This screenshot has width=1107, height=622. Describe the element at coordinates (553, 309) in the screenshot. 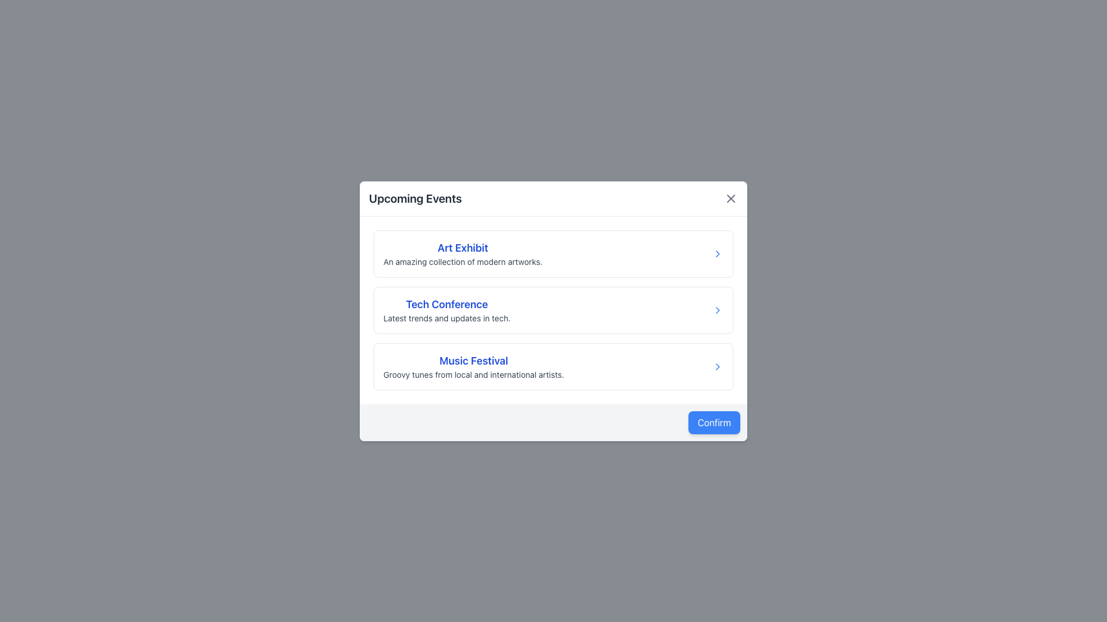

I see `the 'Tech Conference' clickable card` at that location.